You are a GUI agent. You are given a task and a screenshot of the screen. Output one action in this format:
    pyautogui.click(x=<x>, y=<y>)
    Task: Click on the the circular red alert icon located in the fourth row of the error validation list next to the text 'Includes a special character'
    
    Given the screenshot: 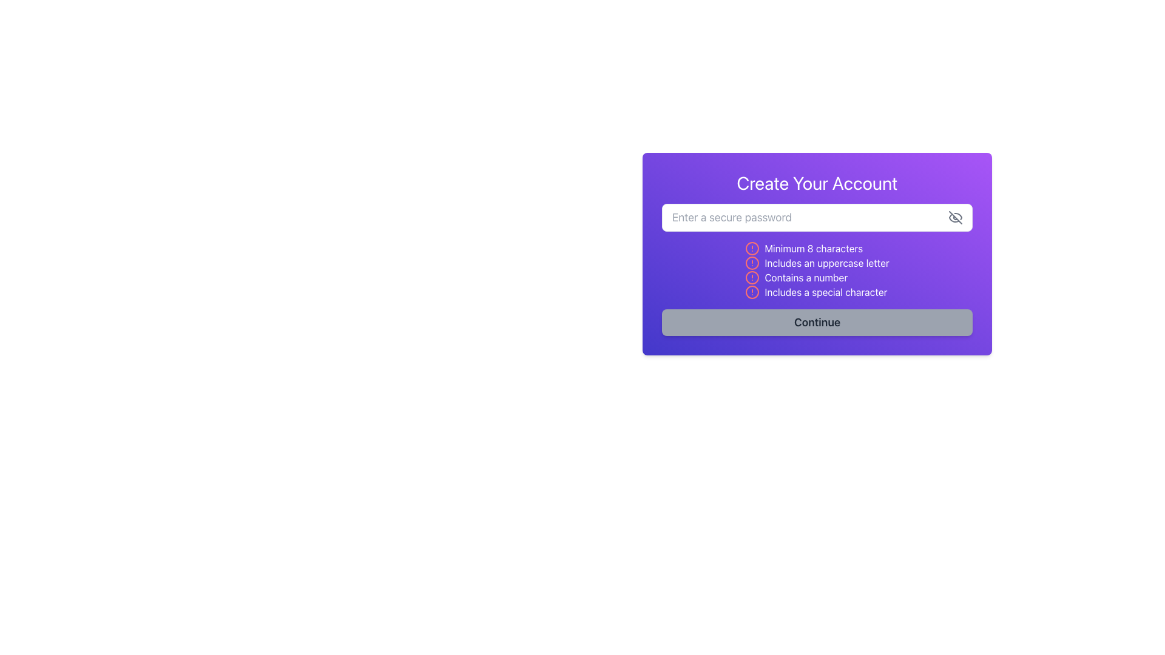 What is the action you would take?
    pyautogui.click(x=752, y=292)
    